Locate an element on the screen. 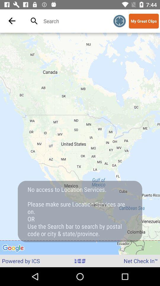 The height and width of the screenshot is (286, 160). my great clips item is located at coordinates (143, 21).